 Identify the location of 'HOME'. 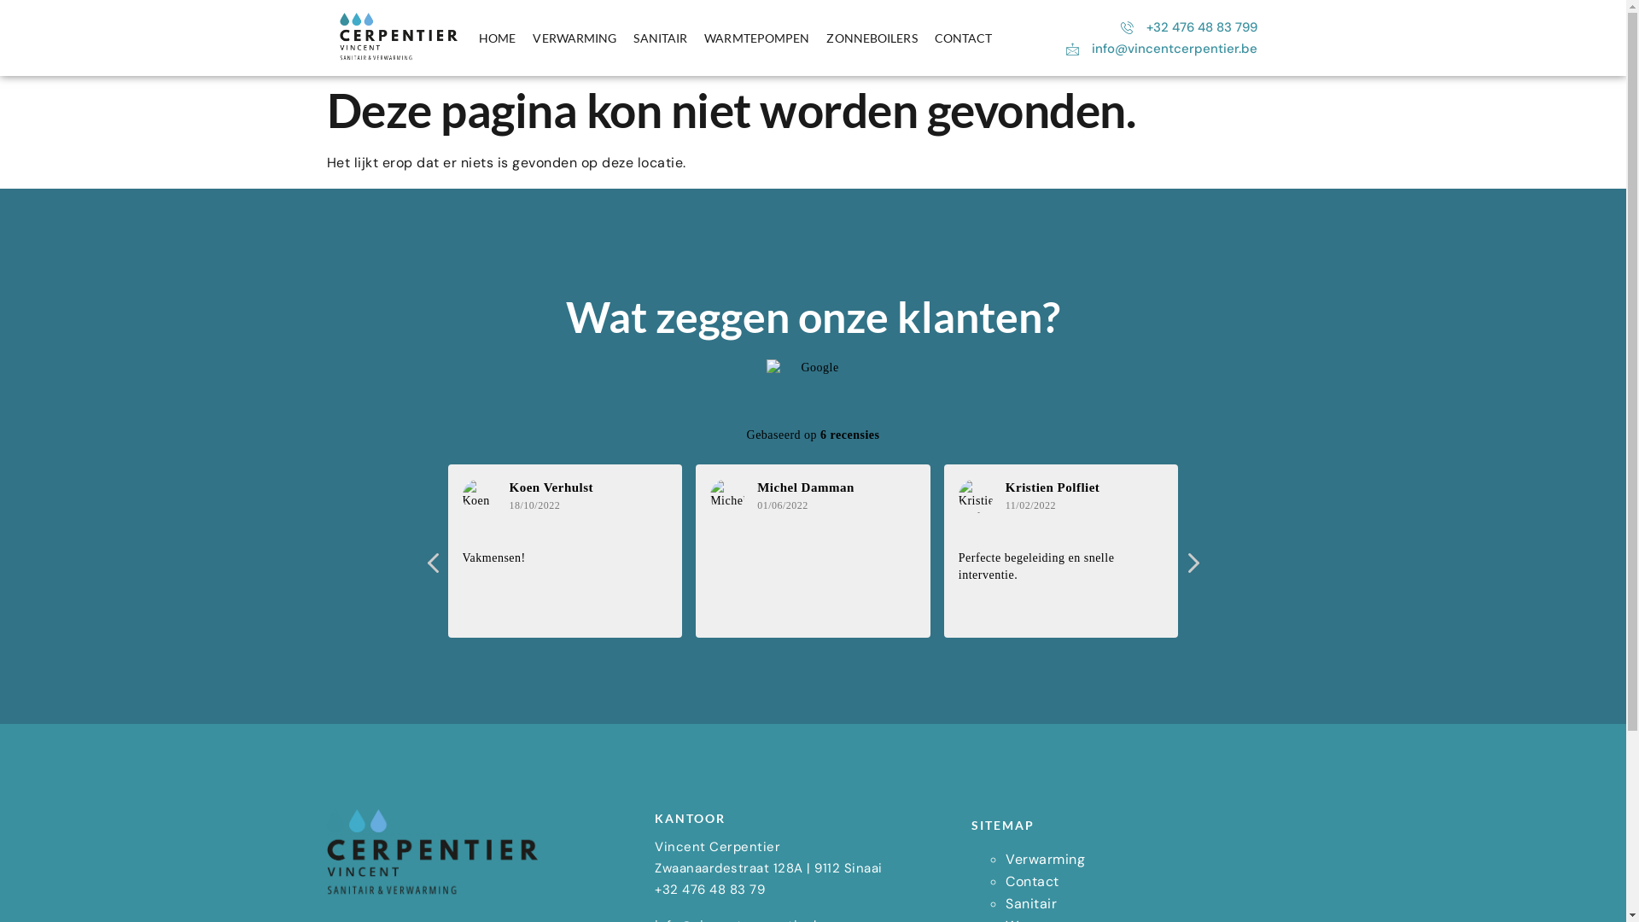
(470, 38).